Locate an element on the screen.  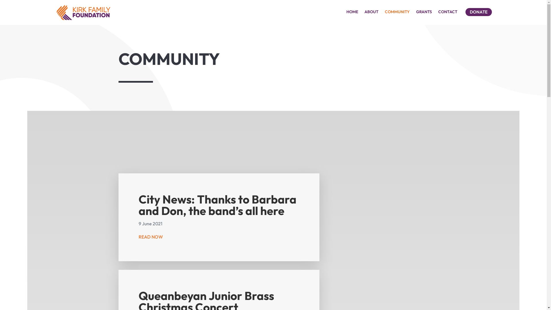
'READ NOW' is located at coordinates (151, 237).